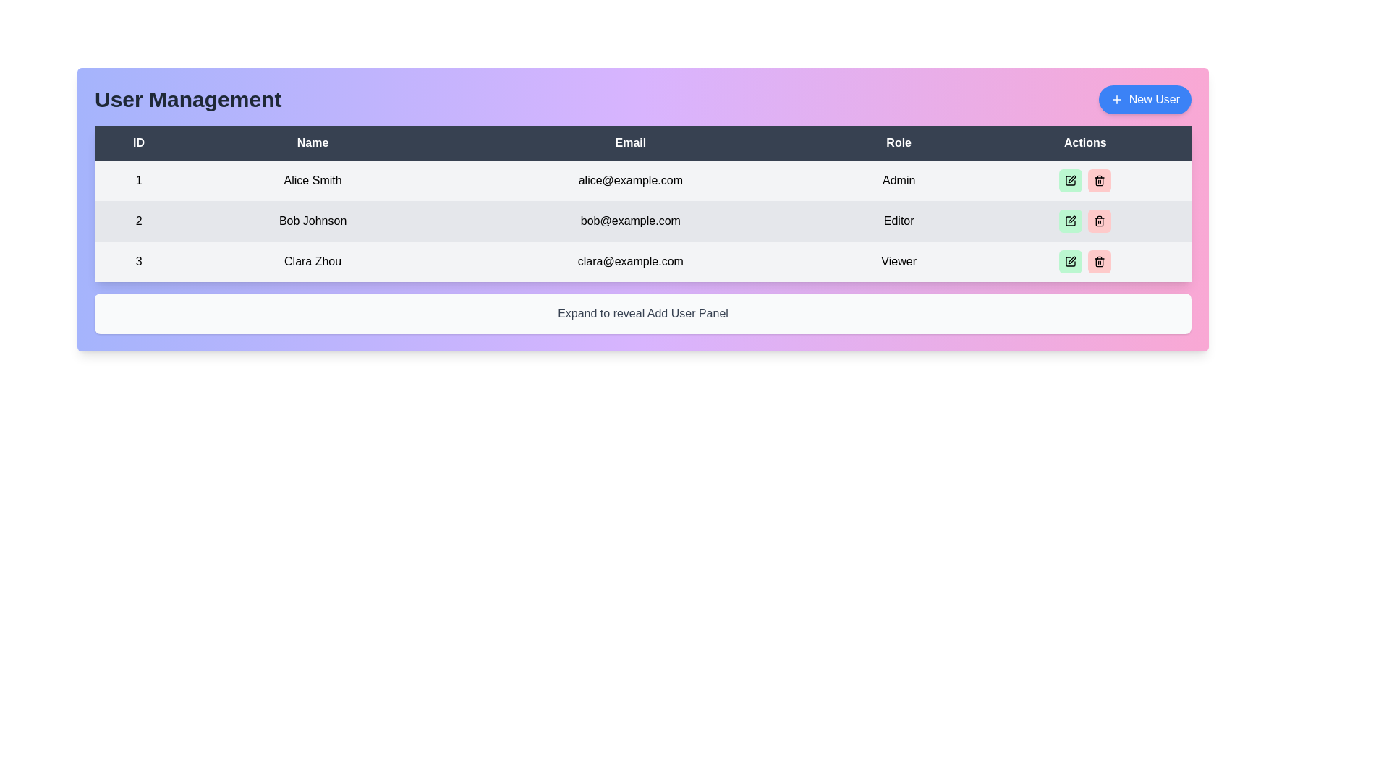  I want to click on the text label displaying 'Clara Zhou' in black font, located in the 'Name' column of the third row within the 'User Management' table, so click(312, 262).